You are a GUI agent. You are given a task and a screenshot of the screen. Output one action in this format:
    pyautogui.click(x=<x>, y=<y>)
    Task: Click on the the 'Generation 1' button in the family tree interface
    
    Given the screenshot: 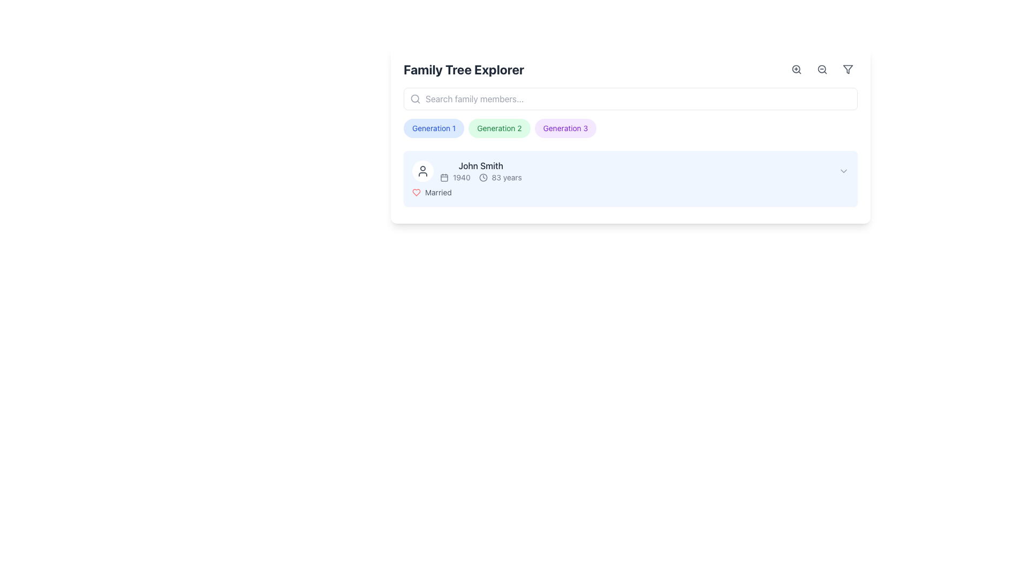 What is the action you would take?
    pyautogui.click(x=434, y=127)
    